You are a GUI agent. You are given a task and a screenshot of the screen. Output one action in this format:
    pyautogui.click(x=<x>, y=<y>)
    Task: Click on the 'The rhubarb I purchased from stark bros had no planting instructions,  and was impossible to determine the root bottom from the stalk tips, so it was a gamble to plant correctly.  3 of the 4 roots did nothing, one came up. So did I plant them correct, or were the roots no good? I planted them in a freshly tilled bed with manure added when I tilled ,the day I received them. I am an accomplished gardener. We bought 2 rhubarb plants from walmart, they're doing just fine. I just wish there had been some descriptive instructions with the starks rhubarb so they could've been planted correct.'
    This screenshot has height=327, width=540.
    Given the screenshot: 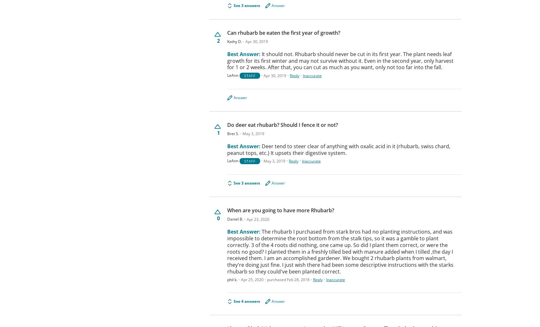 What is the action you would take?
    pyautogui.click(x=340, y=251)
    